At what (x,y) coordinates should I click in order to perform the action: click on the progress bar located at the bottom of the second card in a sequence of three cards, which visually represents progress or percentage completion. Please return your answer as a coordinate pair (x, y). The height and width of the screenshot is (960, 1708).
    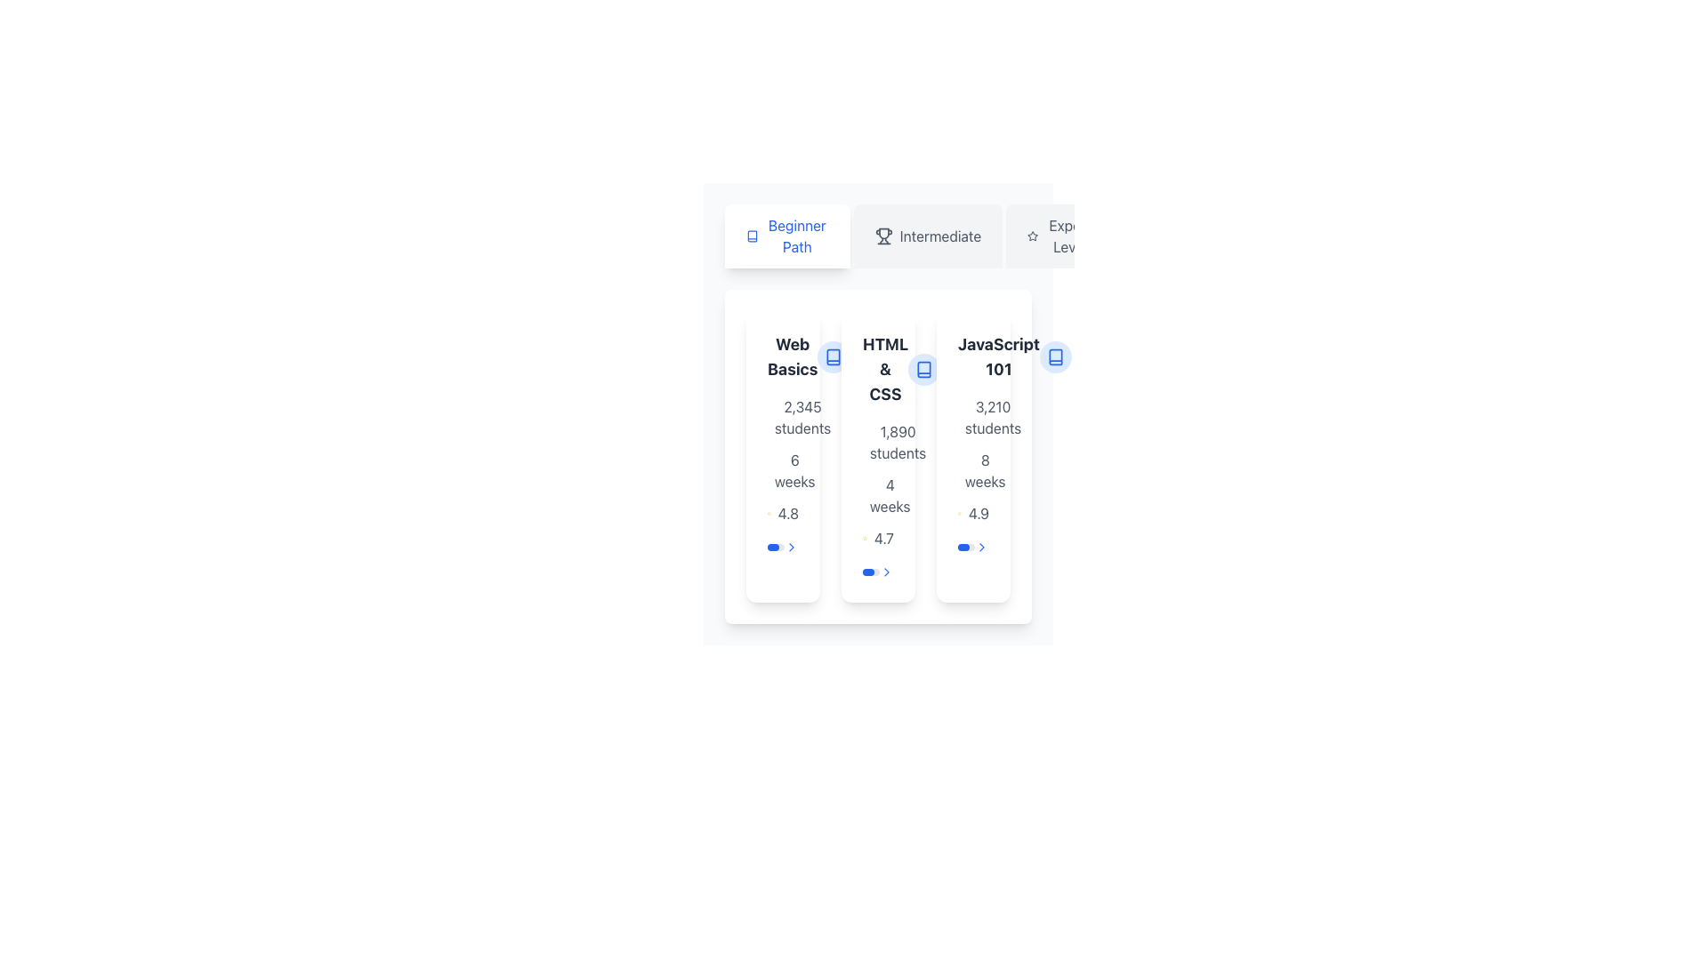
    Looking at the image, I should click on (776, 547).